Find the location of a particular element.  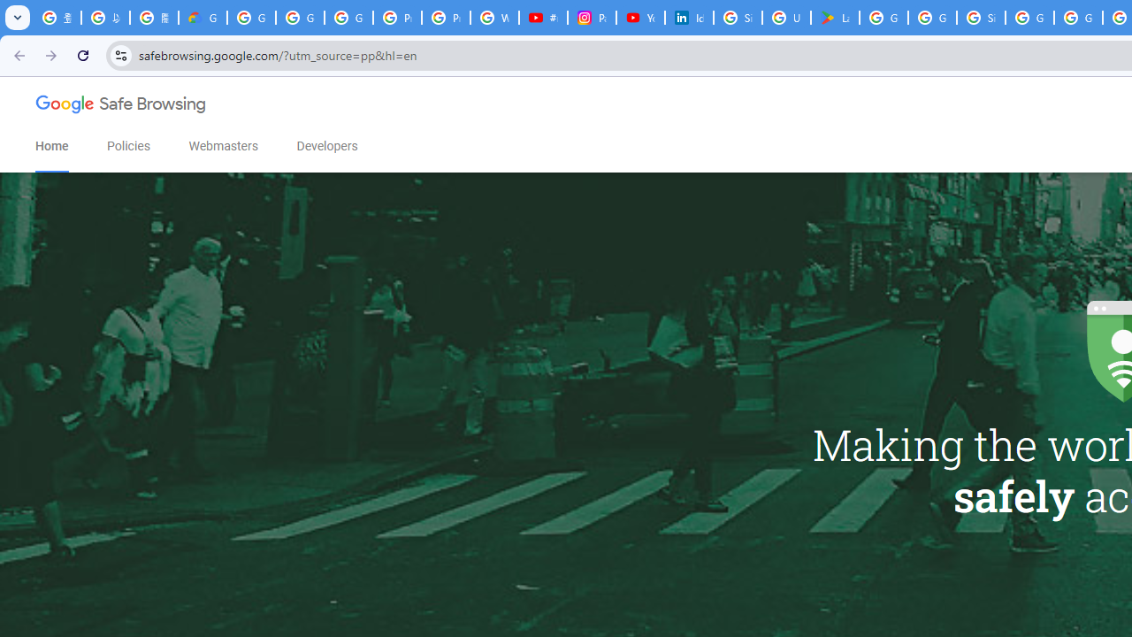

'Webmasters' is located at coordinates (222, 145).